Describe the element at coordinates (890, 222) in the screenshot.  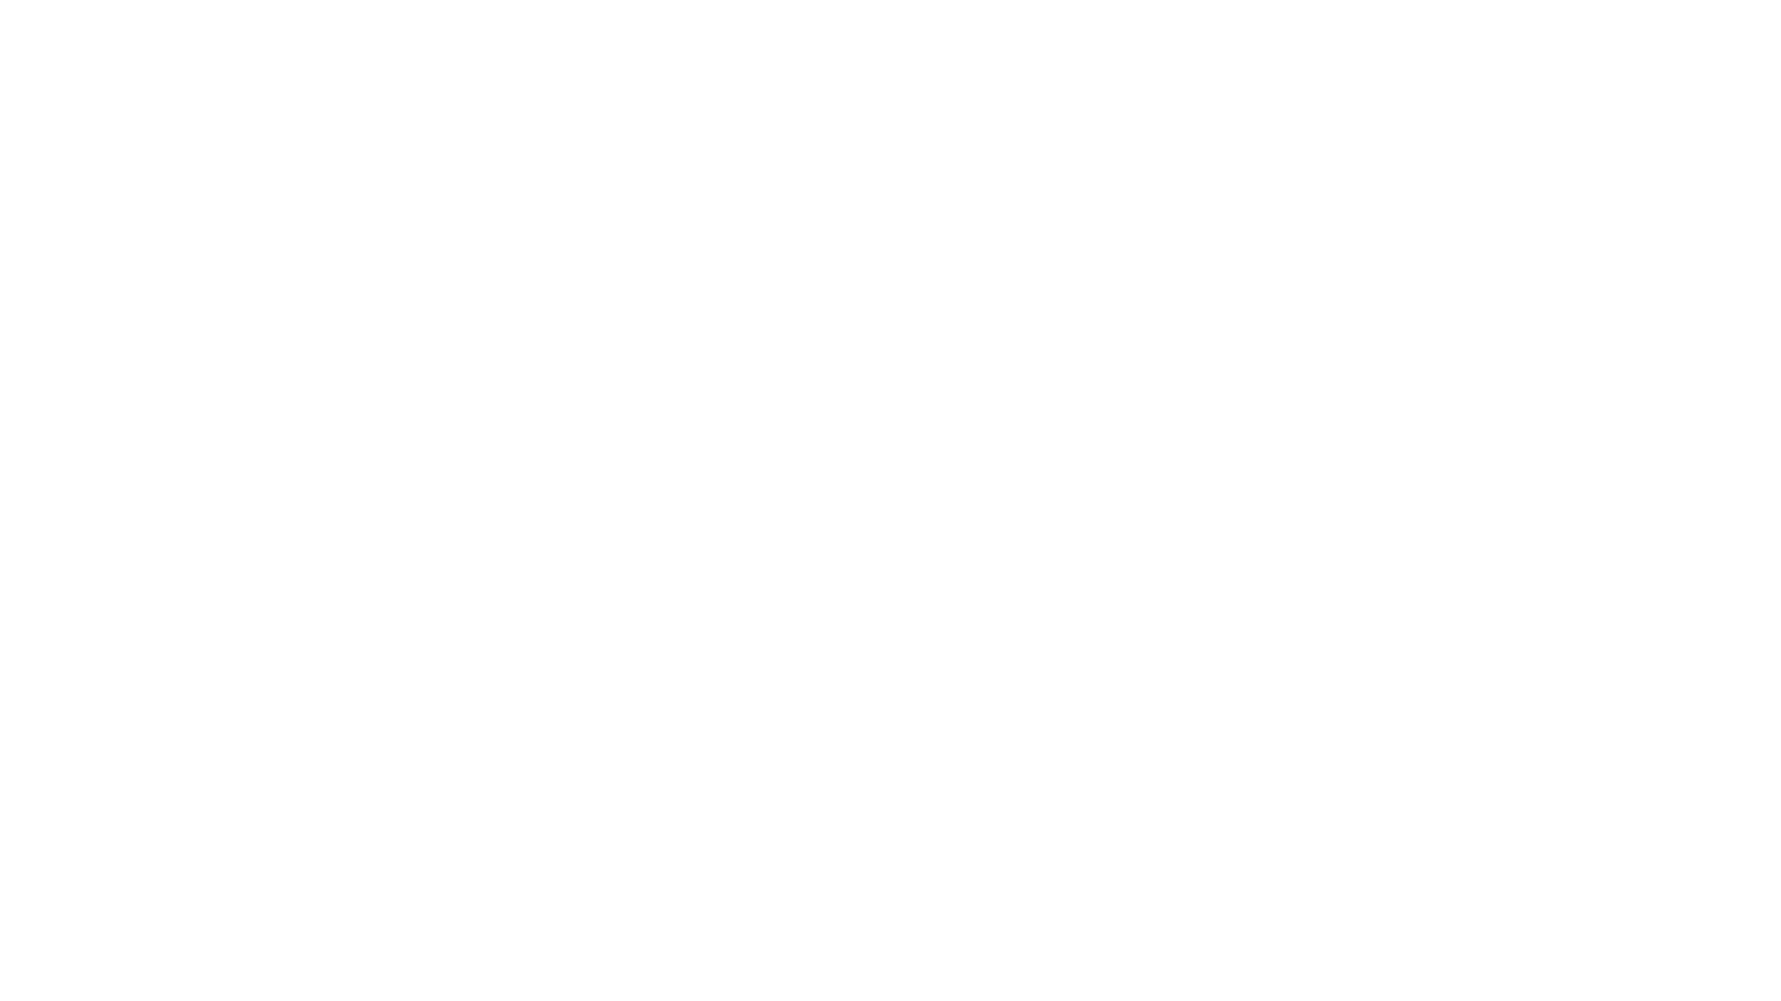
I see `By City and State` at that location.